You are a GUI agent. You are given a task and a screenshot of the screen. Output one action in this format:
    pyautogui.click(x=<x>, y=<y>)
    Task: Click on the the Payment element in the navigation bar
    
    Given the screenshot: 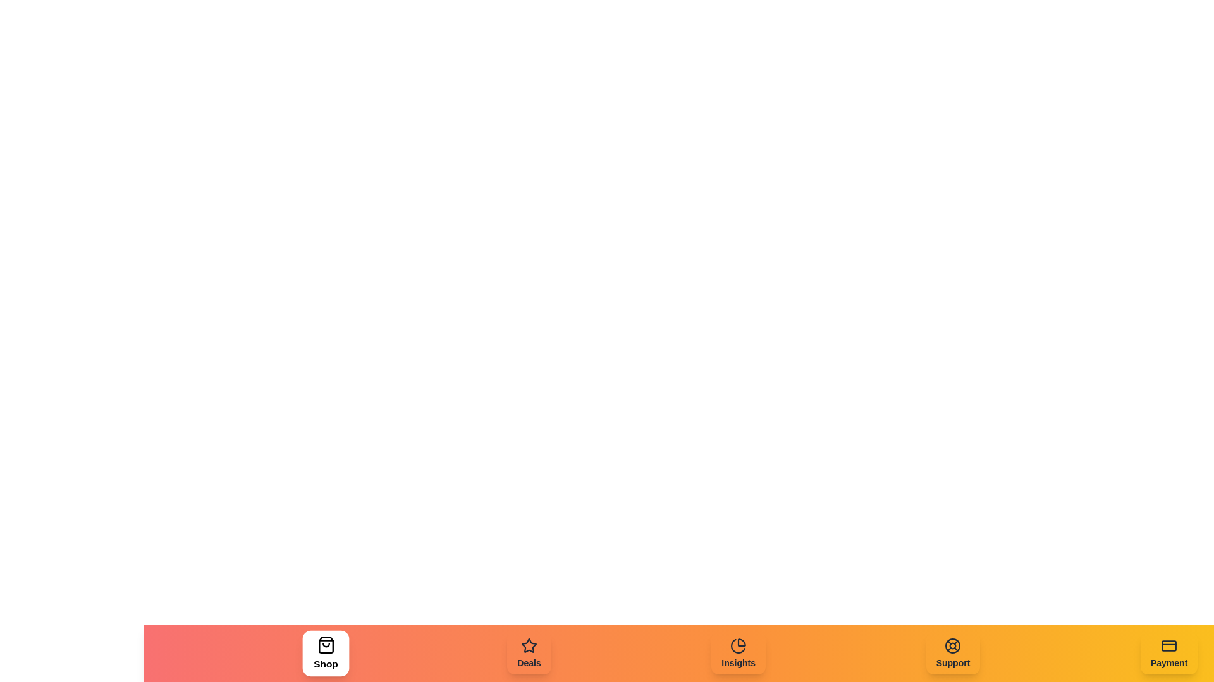 What is the action you would take?
    pyautogui.click(x=1168, y=653)
    